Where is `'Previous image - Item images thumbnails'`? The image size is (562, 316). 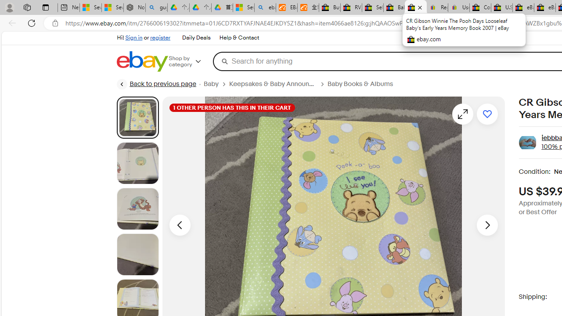
'Previous image - Item images thumbnails' is located at coordinates (179, 224).